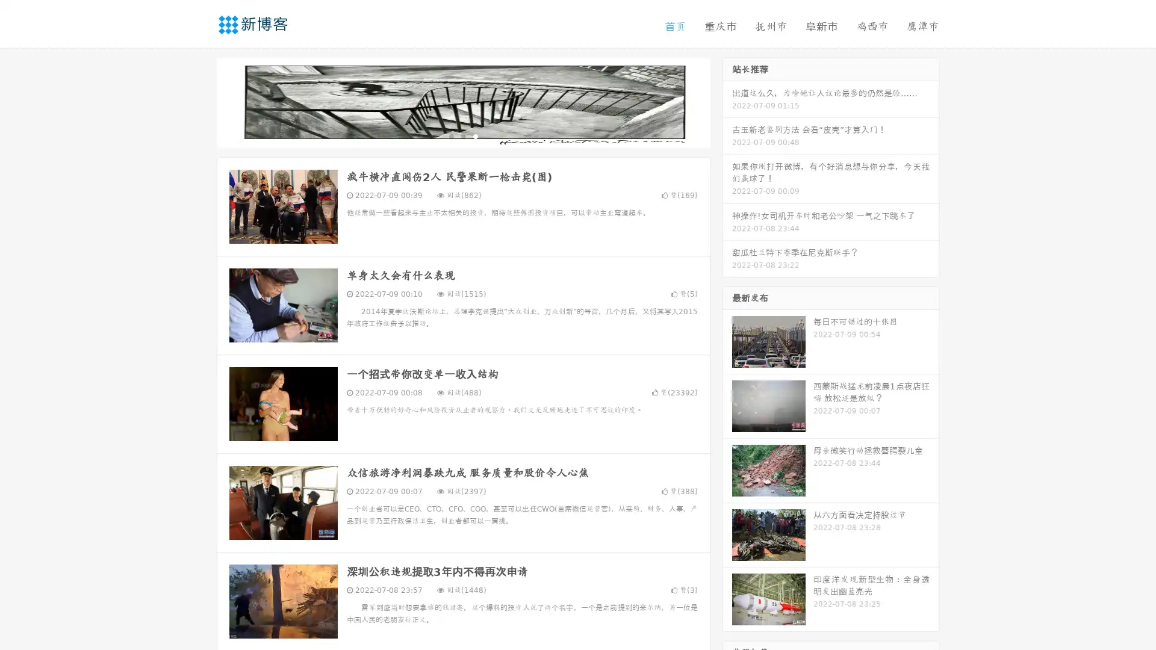 The height and width of the screenshot is (650, 1156). What do you see at coordinates (199, 101) in the screenshot?
I see `Previous slide` at bounding box center [199, 101].